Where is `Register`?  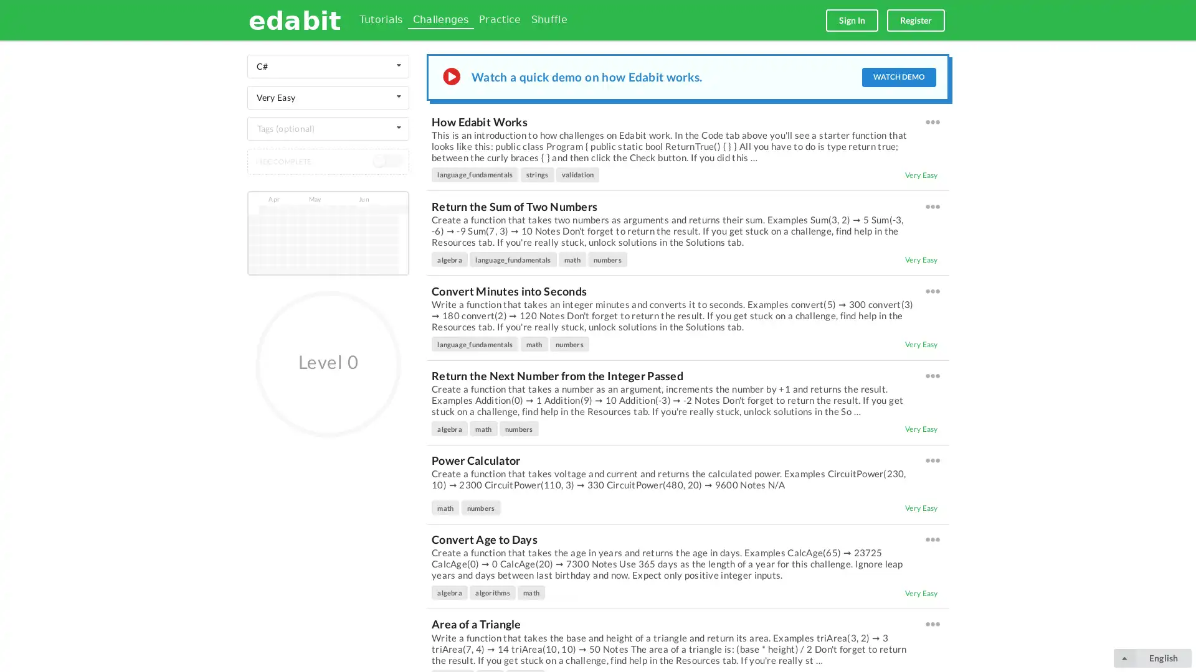 Register is located at coordinates (915, 19).